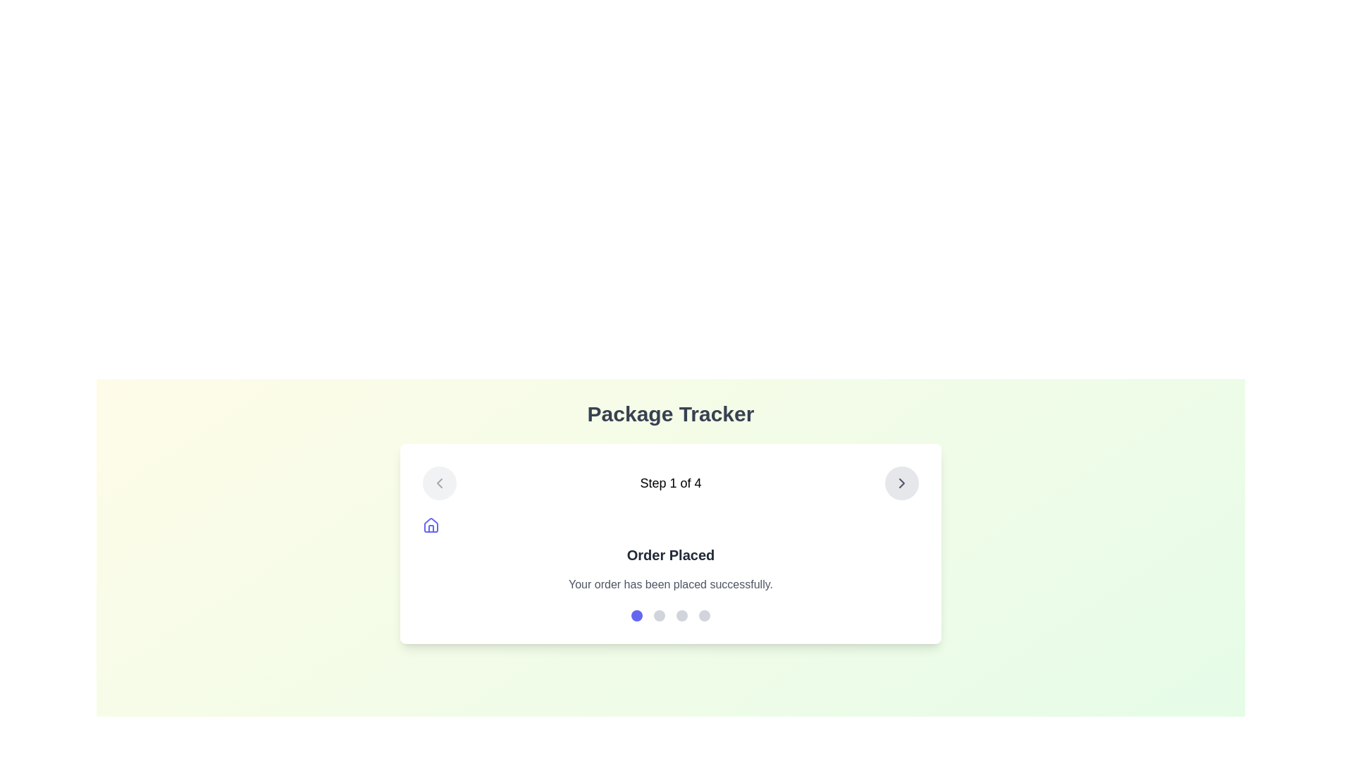 This screenshot has height=761, width=1353. I want to click on the third circular indicator in the horizontal set of progress indicators within the 'Package Tracker' card, so click(682, 615).